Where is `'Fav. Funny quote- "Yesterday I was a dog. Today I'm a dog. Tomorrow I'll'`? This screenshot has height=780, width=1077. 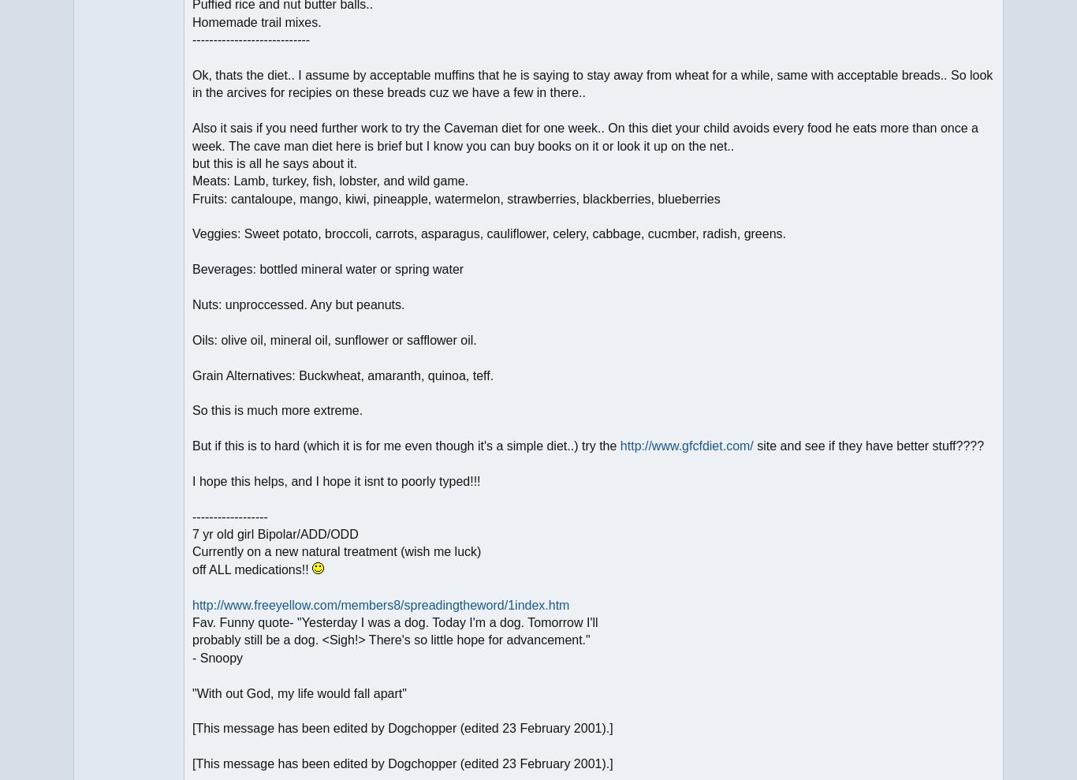 'Fav. Funny quote- "Yesterday I was a dog. Today I'm a dog. Tomorrow I'll' is located at coordinates (395, 621).